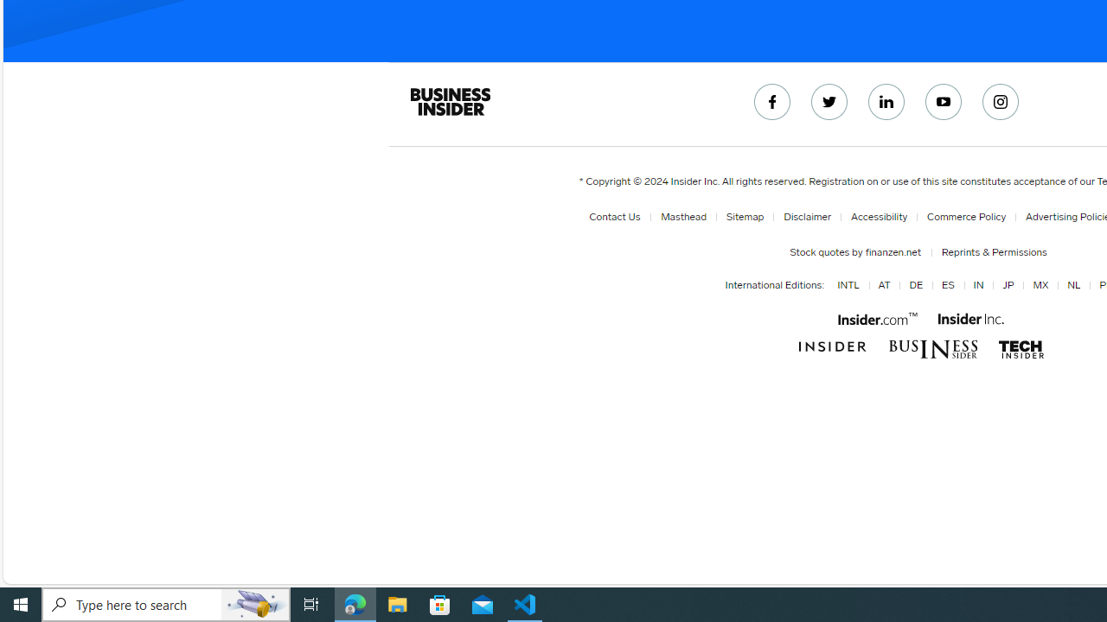  What do you see at coordinates (833, 347) in the screenshot?
I see `'Click to visit Business Insider'` at bounding box center [833, 347].